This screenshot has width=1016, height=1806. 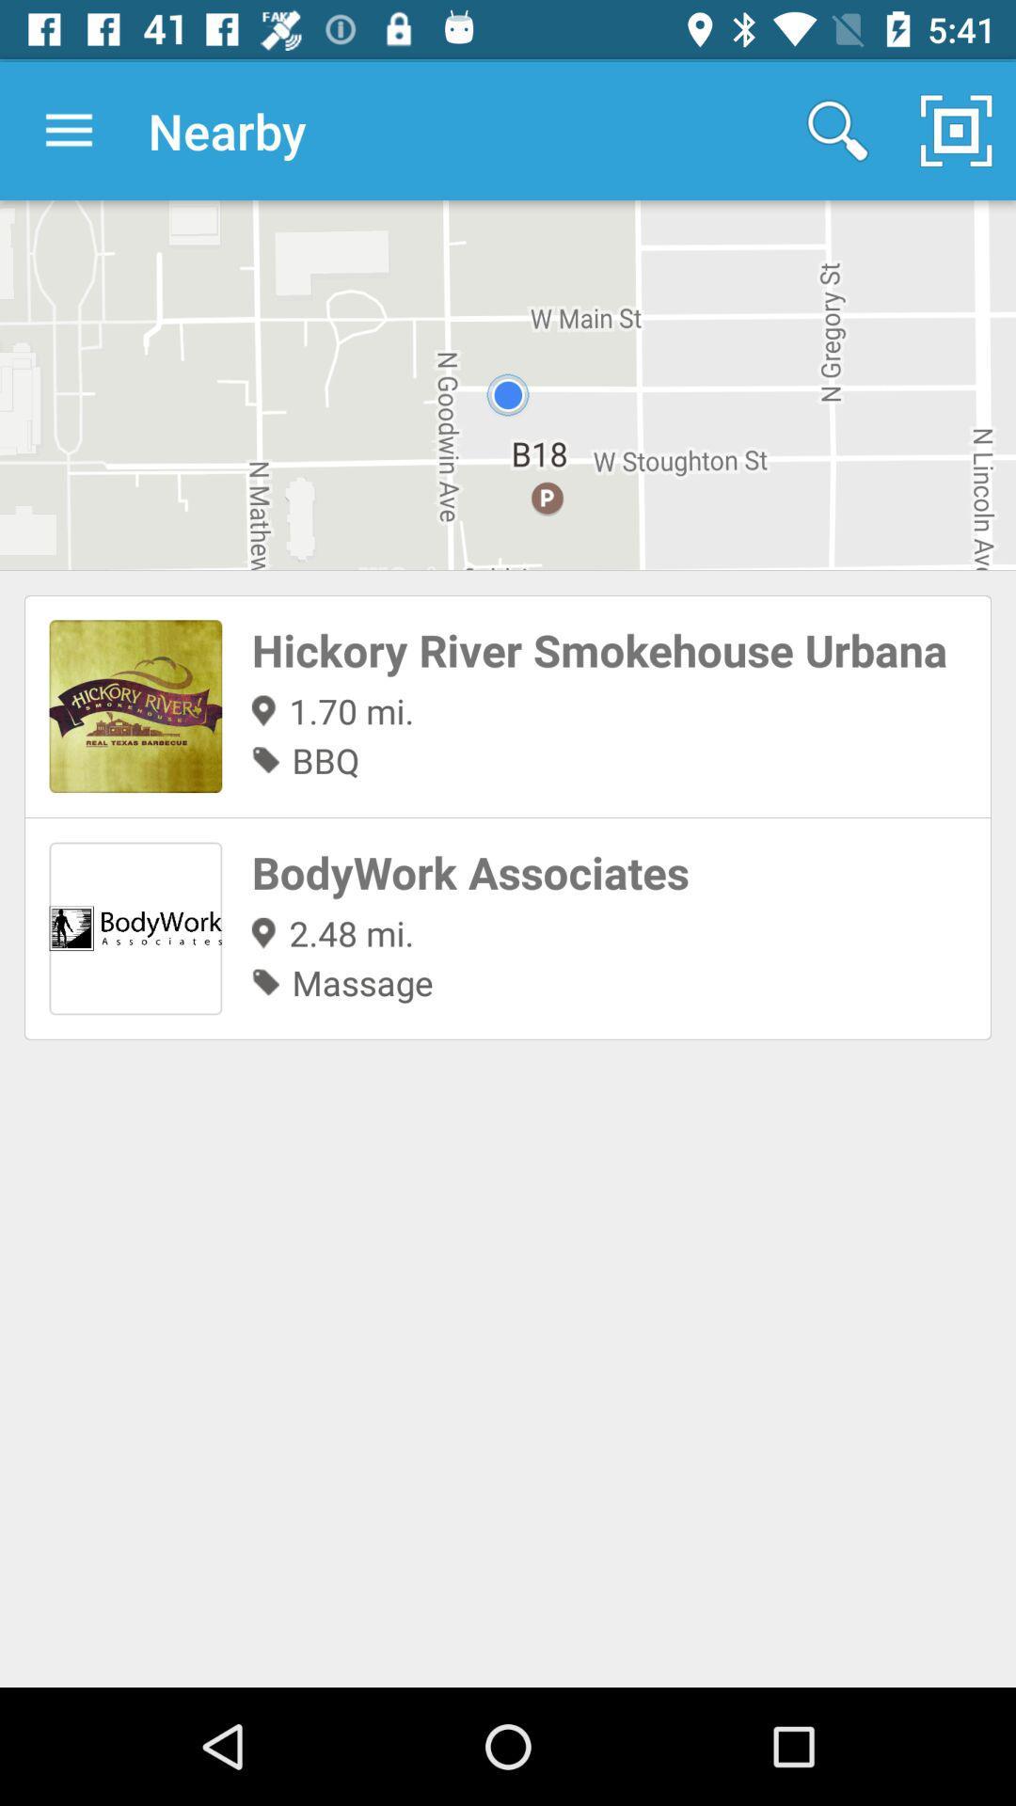 What do you see at coordinates (135, 928) in the screenshot?
I see `the image left side of bodywork associates` at bounding box center [135, 928].